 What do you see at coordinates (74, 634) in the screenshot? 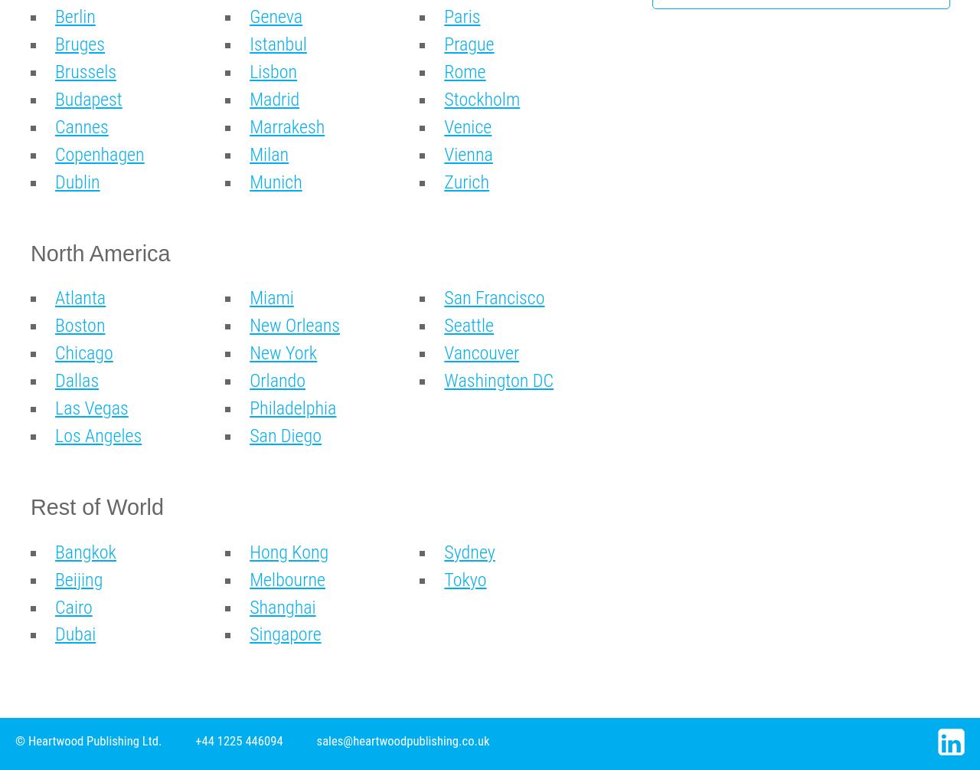
I see `'Dubai'` at bounding box center [74, 634].